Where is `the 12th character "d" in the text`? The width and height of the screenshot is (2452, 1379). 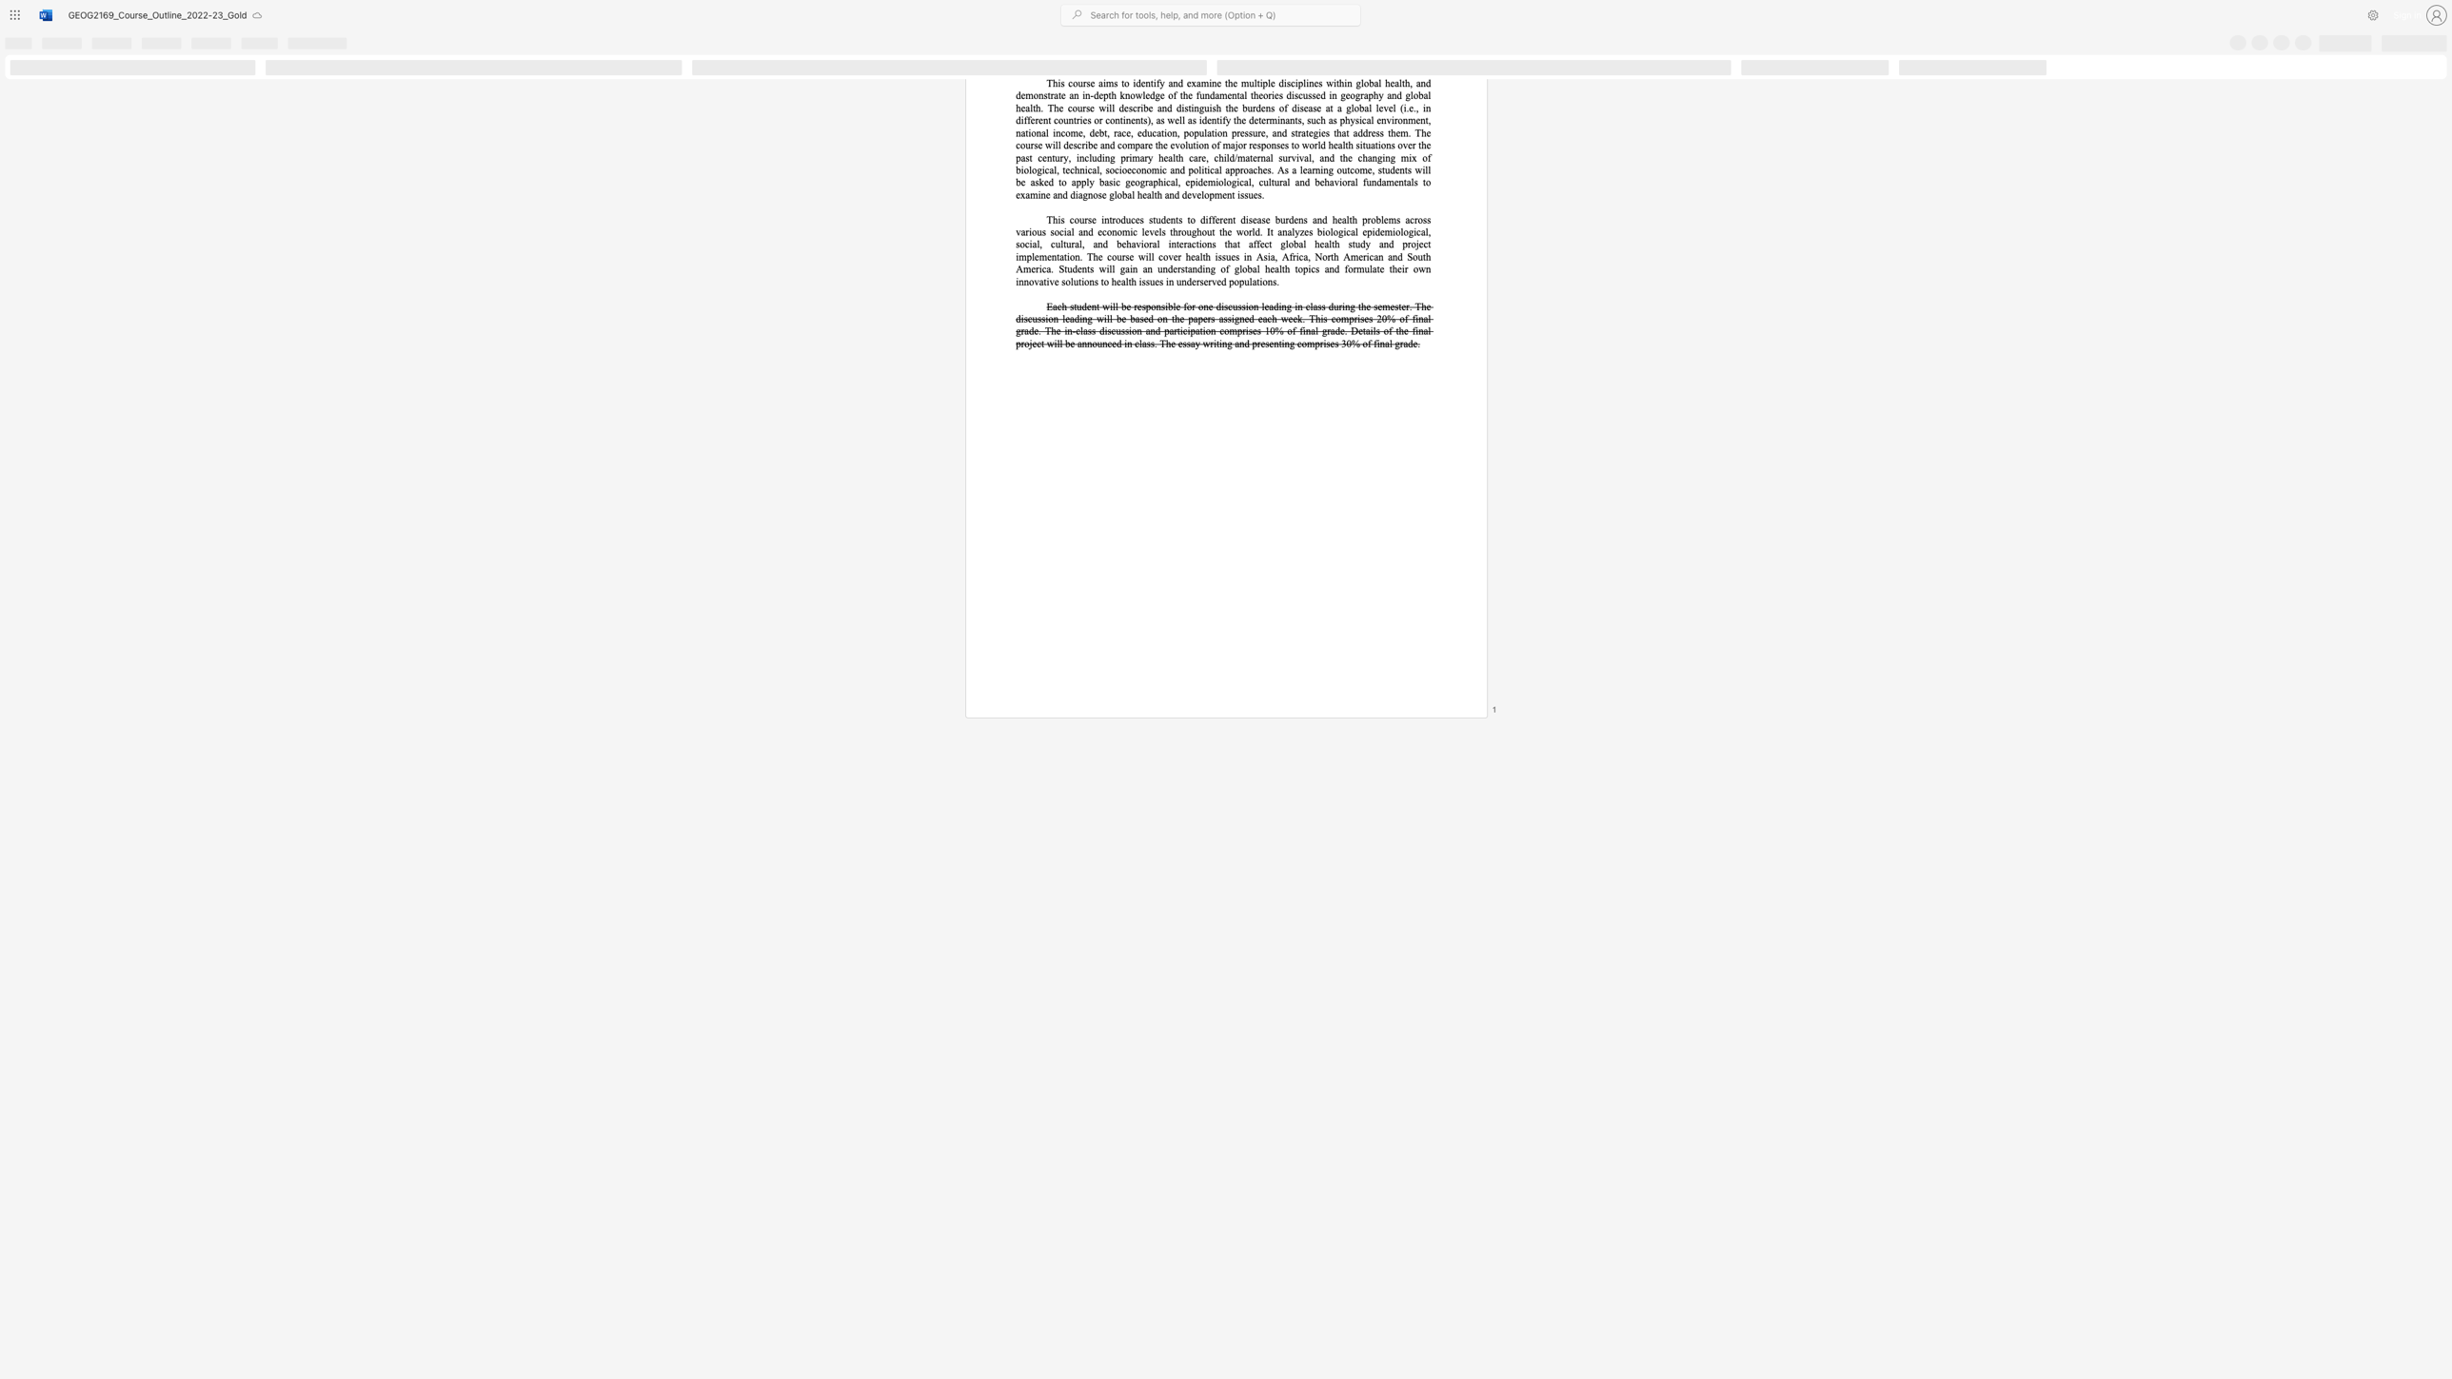 the 12th character "d" in the text is located at coordinates (1336, 330).